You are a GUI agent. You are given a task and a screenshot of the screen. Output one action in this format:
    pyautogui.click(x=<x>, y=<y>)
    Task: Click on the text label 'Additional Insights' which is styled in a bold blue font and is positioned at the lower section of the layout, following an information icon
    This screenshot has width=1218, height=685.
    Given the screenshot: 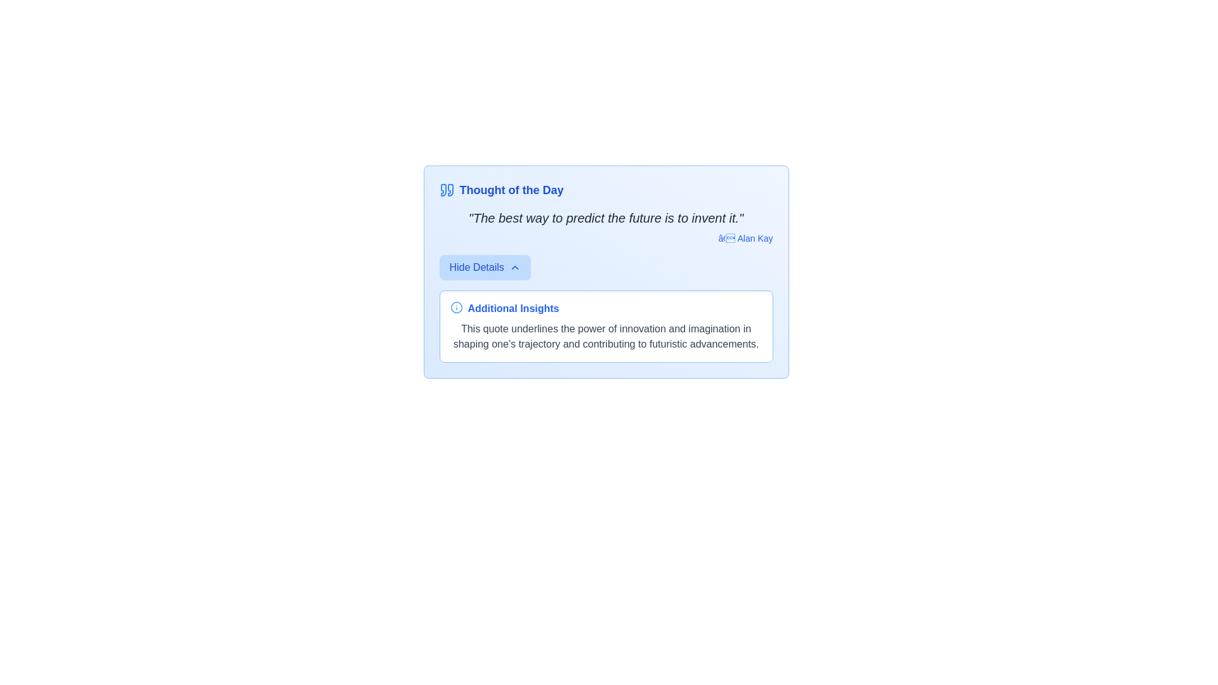 What is the action you would take?
    pyautogui.click(x=513, y=308)
    